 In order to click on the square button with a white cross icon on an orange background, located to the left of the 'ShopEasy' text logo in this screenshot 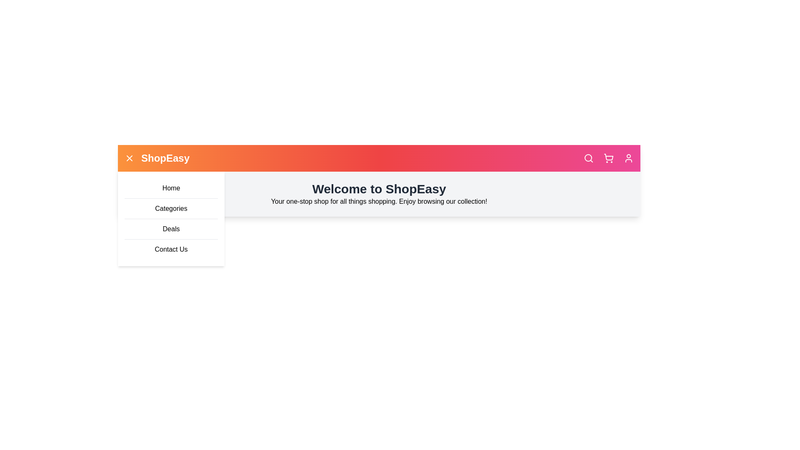, I will do `click(129, 158)`.